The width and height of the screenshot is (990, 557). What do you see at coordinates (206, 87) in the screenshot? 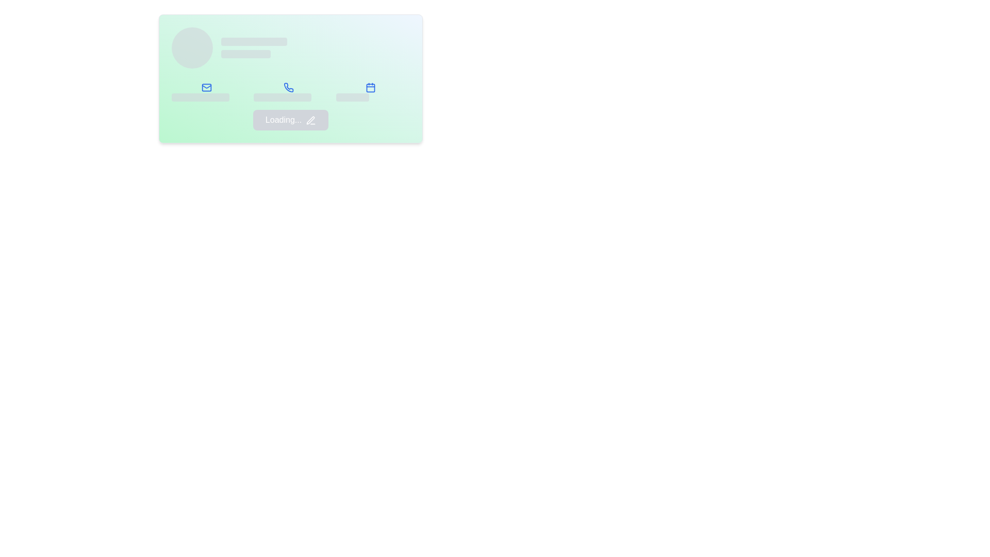
I see `the blue outlined envelope icon located in the middle of the first row of icons` at bounding box center [206, 87].